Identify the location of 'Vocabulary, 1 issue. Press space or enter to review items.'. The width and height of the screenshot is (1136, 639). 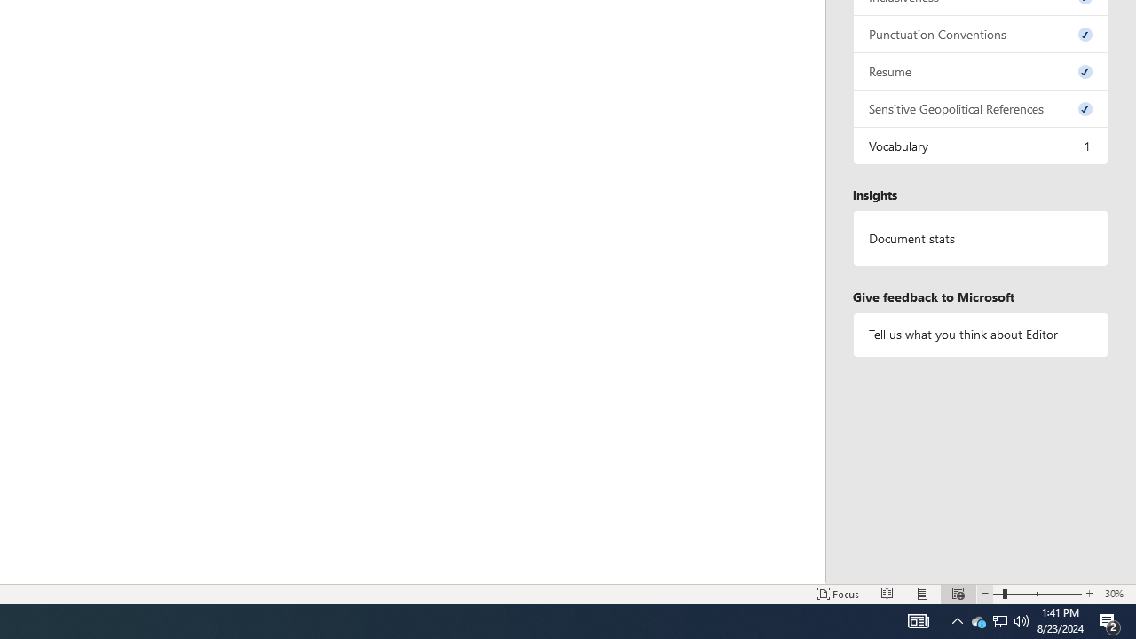
(980, 145).